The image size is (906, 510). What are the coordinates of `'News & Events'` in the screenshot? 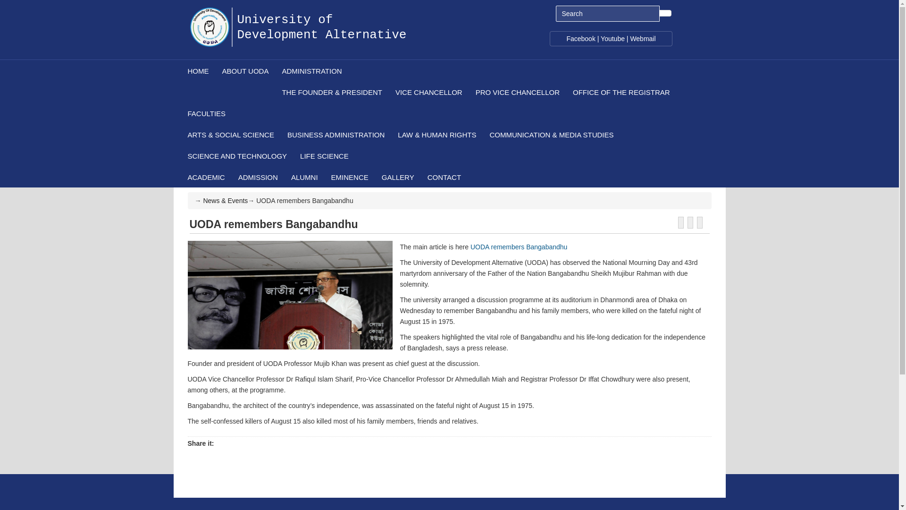 It's located at (225, 200).